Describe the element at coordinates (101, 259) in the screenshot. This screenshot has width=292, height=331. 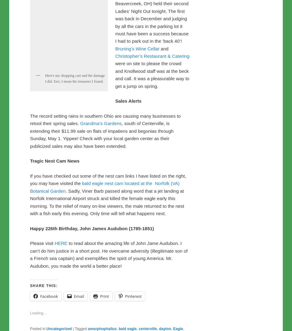
I see `', south of Centerville, is extending their $11.99 sale on flats of impatiens and begonias through Sunday, May 1. Yippee!'` at that location.